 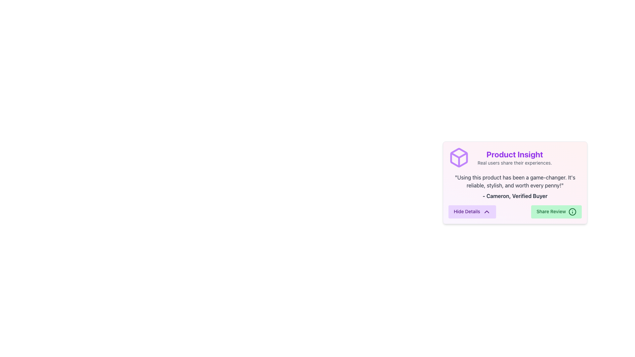 I want to click on the small chevron-up icon located to the right of the 'Hide Details' button, visually indicating an upward direction, so click(x=487, y=212).